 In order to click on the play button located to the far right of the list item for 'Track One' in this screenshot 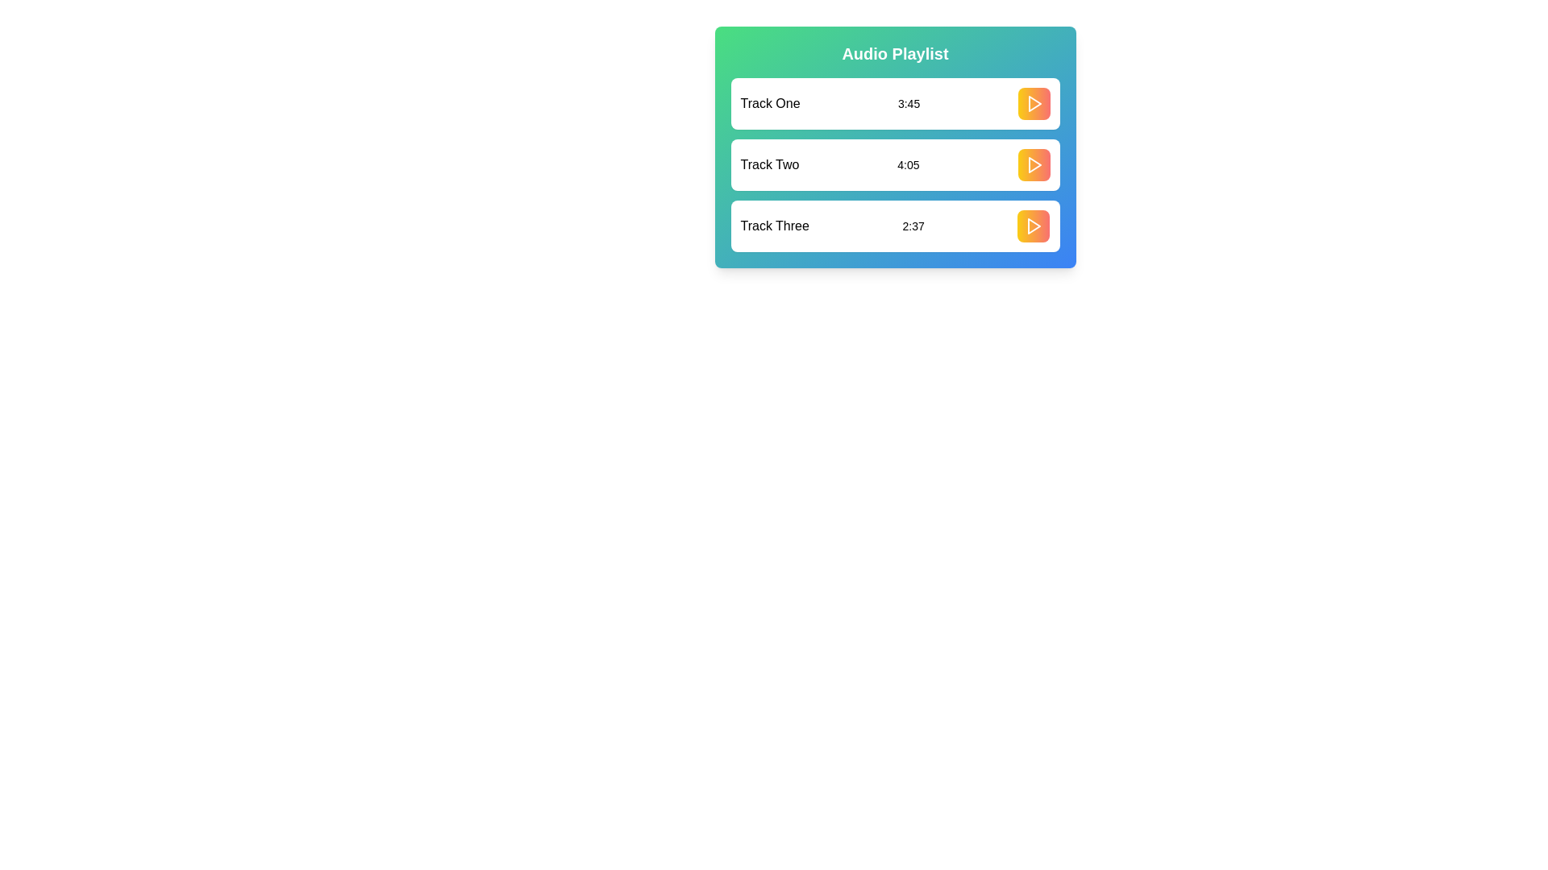, I will do `click(1034, 103)`.